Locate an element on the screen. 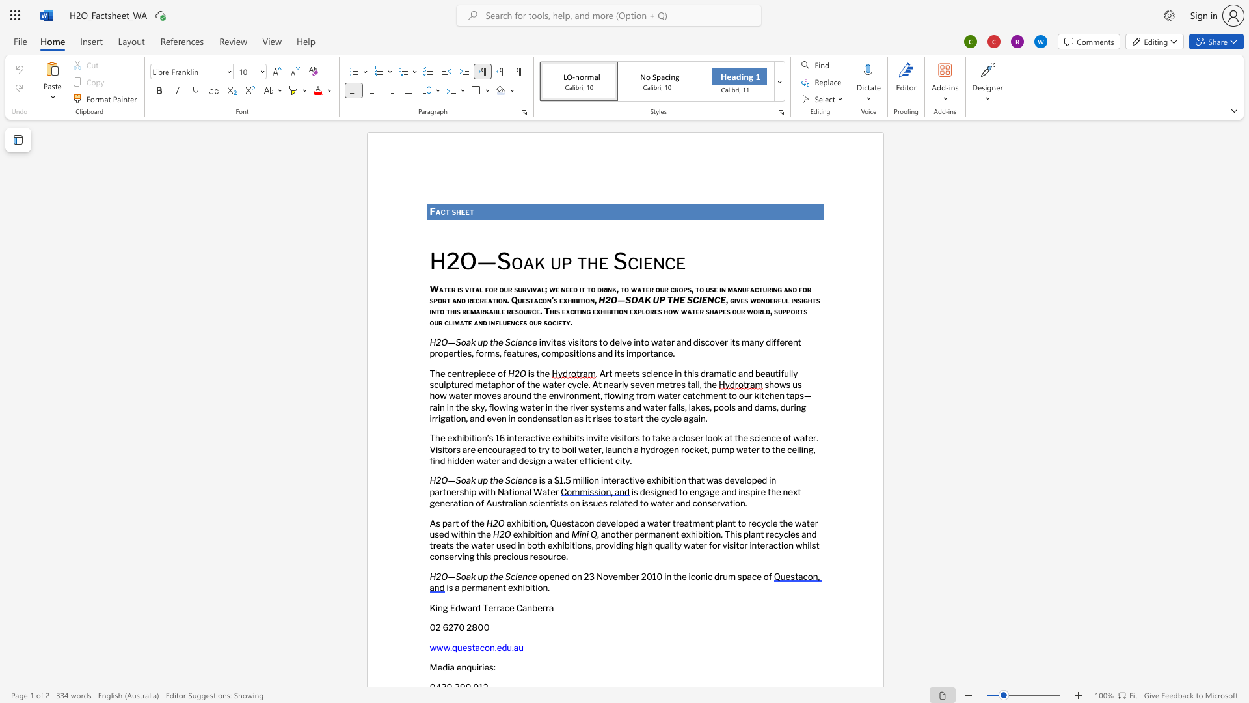  the 2th character "v" in the text is located at coordinates (595, 438).